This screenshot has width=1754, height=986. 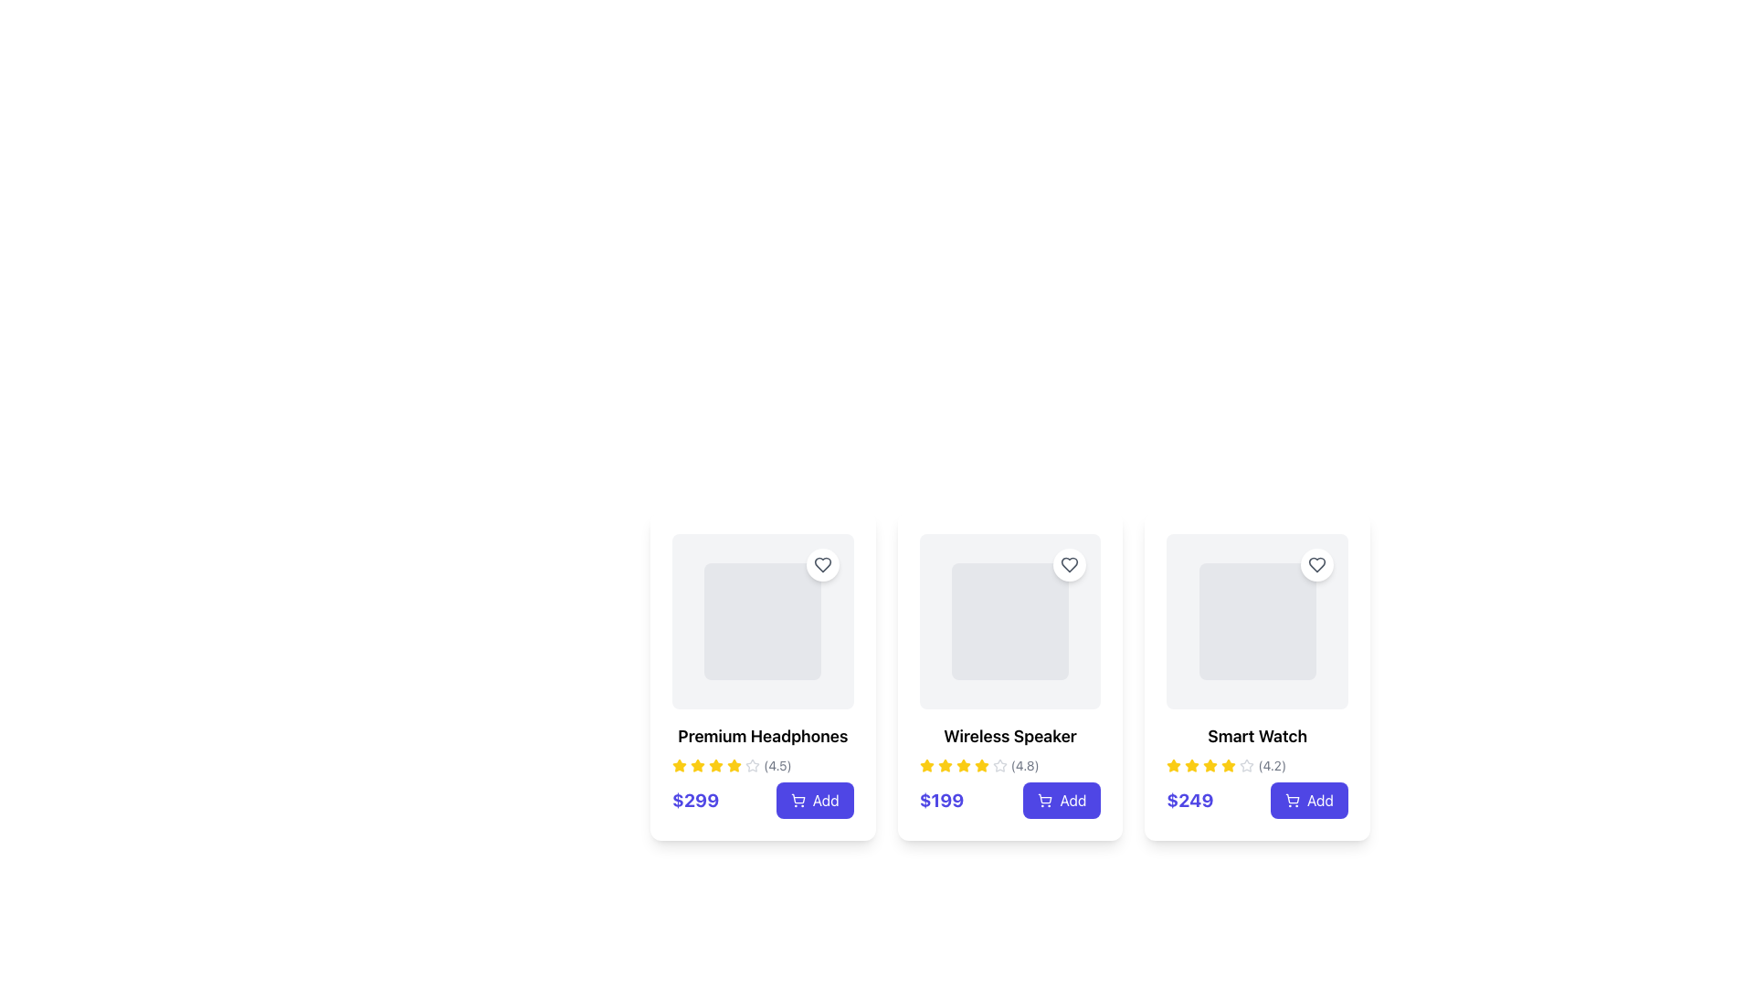 I want to click on the fourth star in the rating section of the 'Wireless Speaker' product card to interact with it, so click(x=962, y=765).